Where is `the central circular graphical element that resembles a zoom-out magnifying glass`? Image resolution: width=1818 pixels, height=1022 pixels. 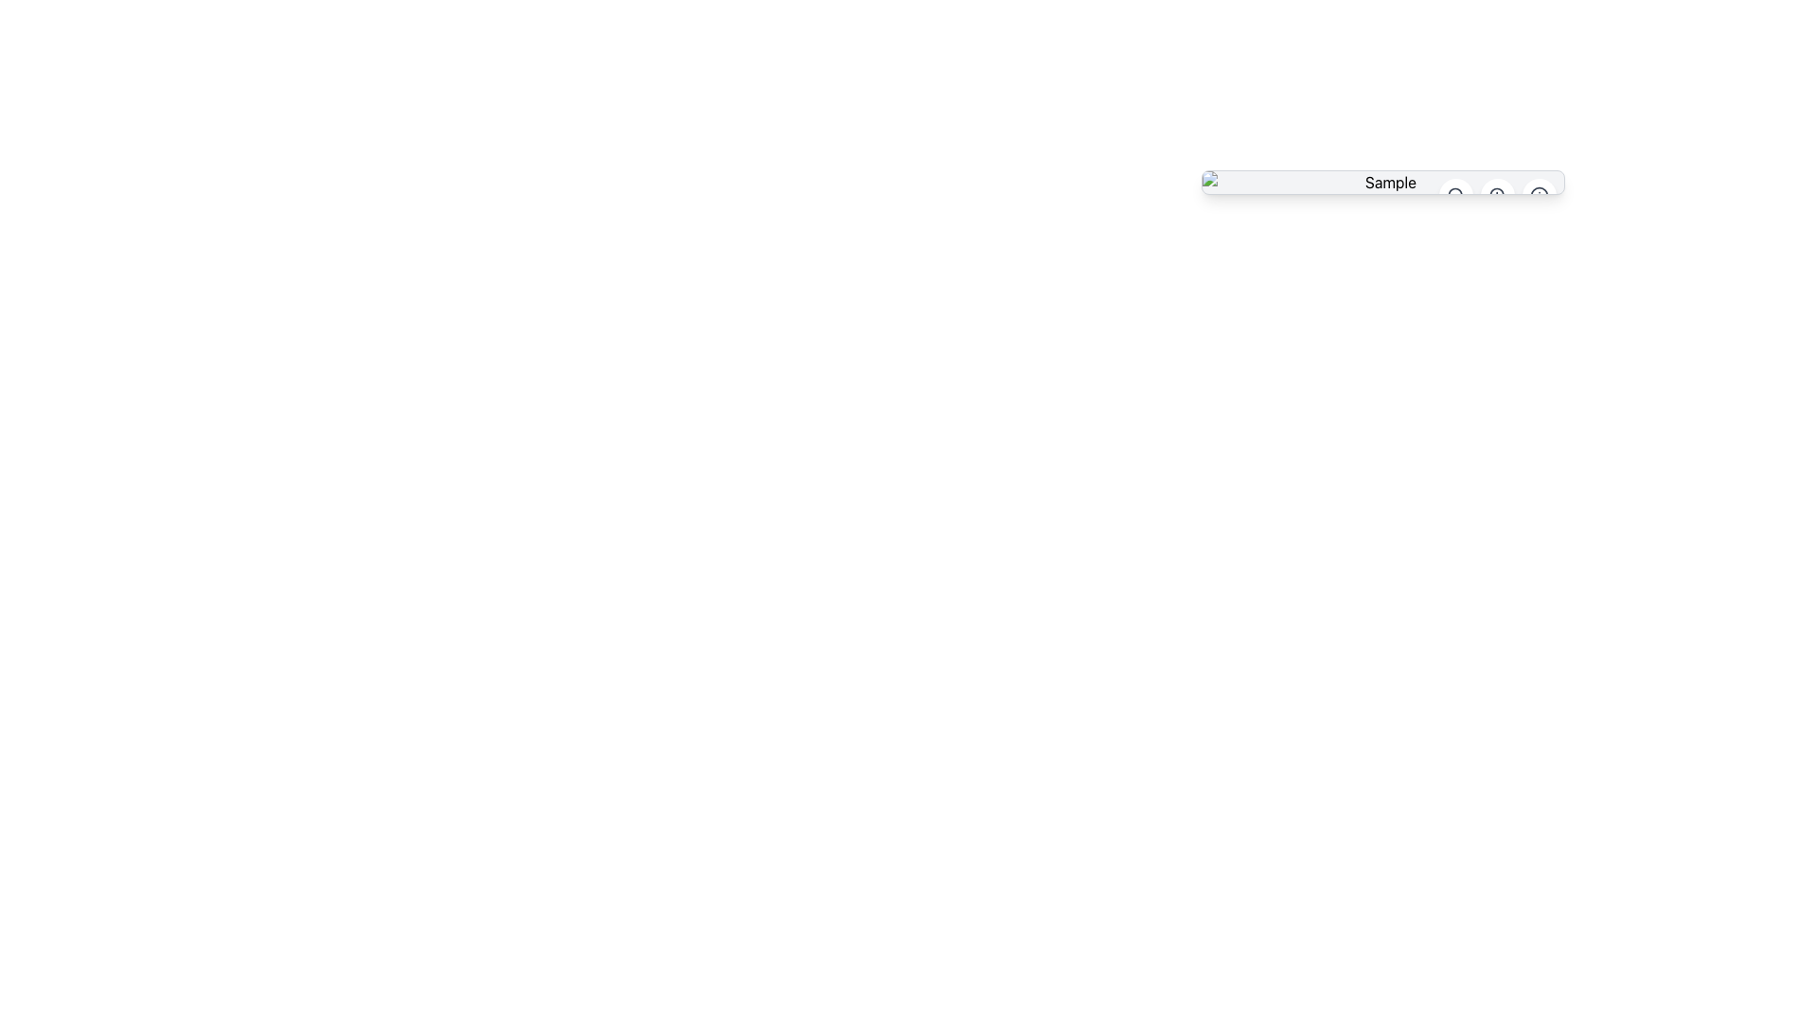 the central circular graphical element that resembles a zoom-out magnifying glass is located at coordinates (1454, 195).